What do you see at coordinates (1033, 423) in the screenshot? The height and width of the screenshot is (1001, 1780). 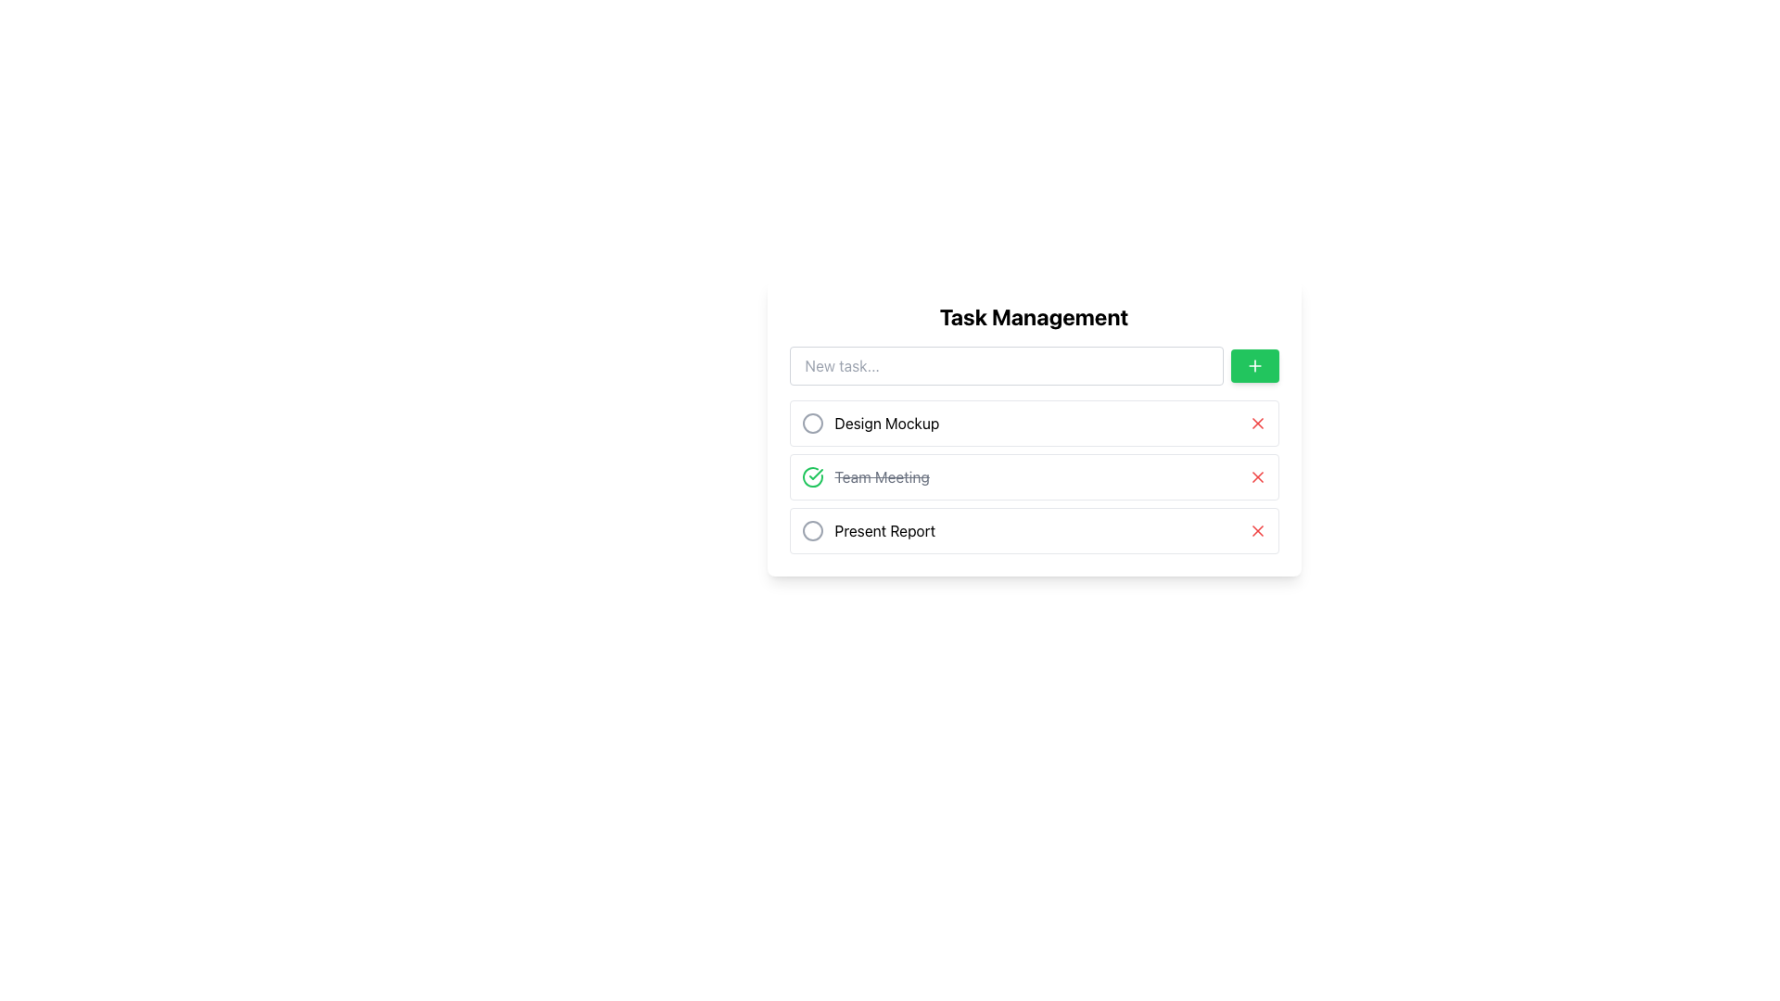 I see `the circular checkbox of the task block titled 'Design Mockup' to mark it as completed` at bounding box center [1033, 423].